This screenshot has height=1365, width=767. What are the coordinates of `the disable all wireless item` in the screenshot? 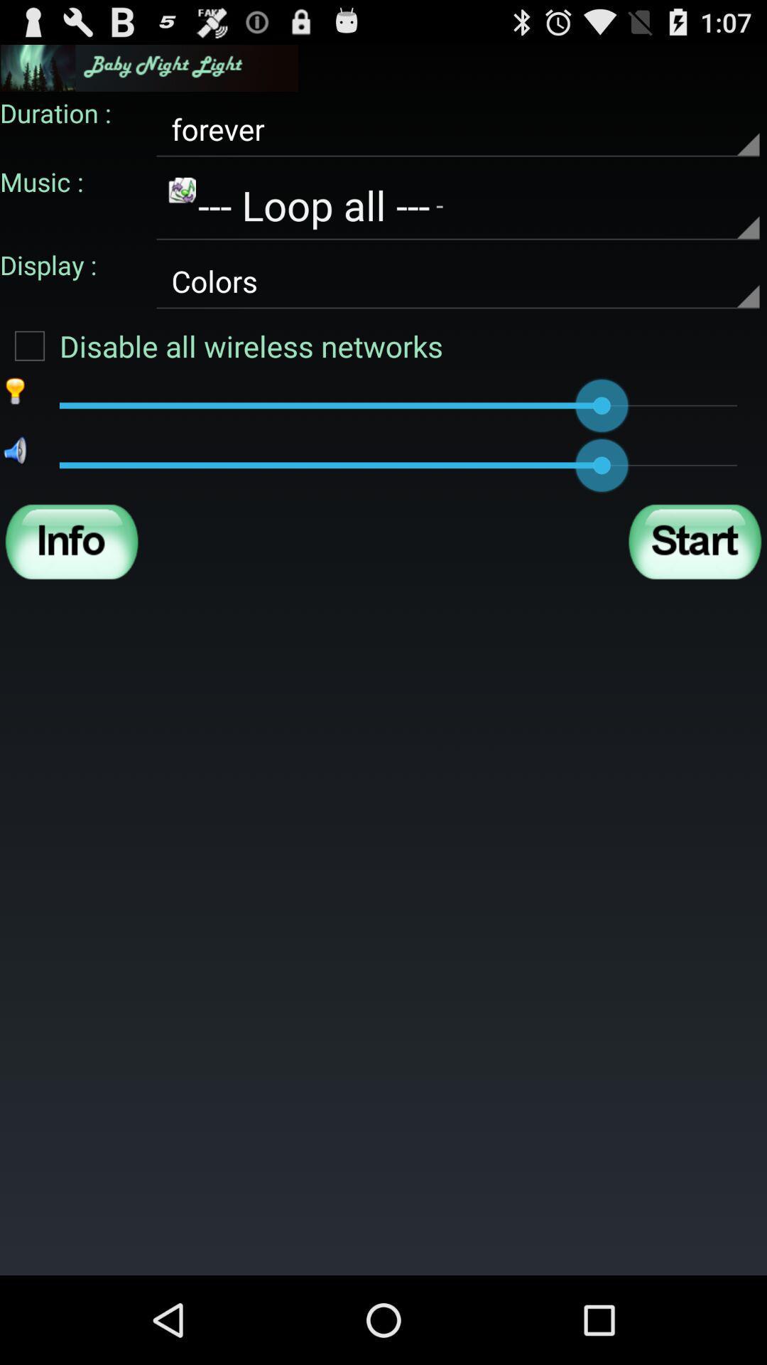 It's located at (222, 346).